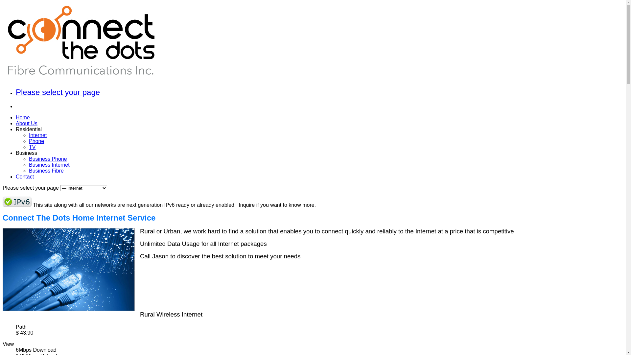 This screenshot has height=355, width=631. Describe the element at coordinates (49, 164) in the screenshot. I see `'Business Internet'` at that location.